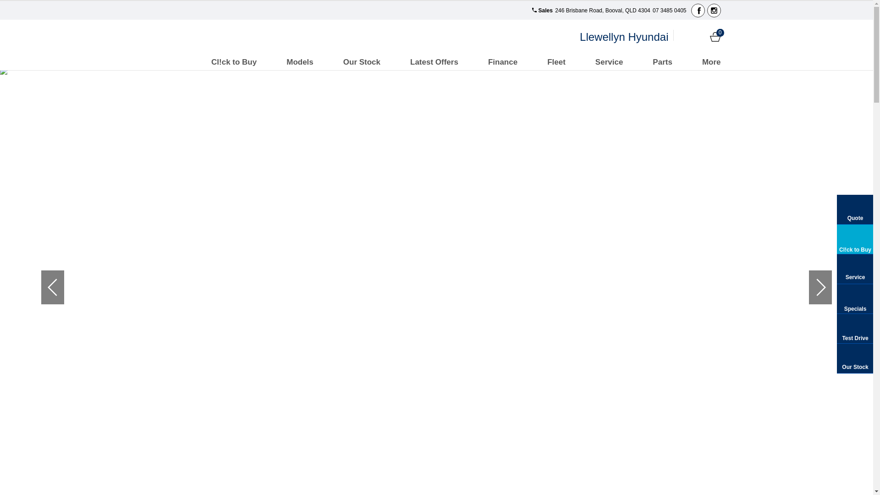 The width and height of the screenshot is (880, 495). Describe the element at coordinates (711, 62) in the screenshot. I see `'More'` at that location.